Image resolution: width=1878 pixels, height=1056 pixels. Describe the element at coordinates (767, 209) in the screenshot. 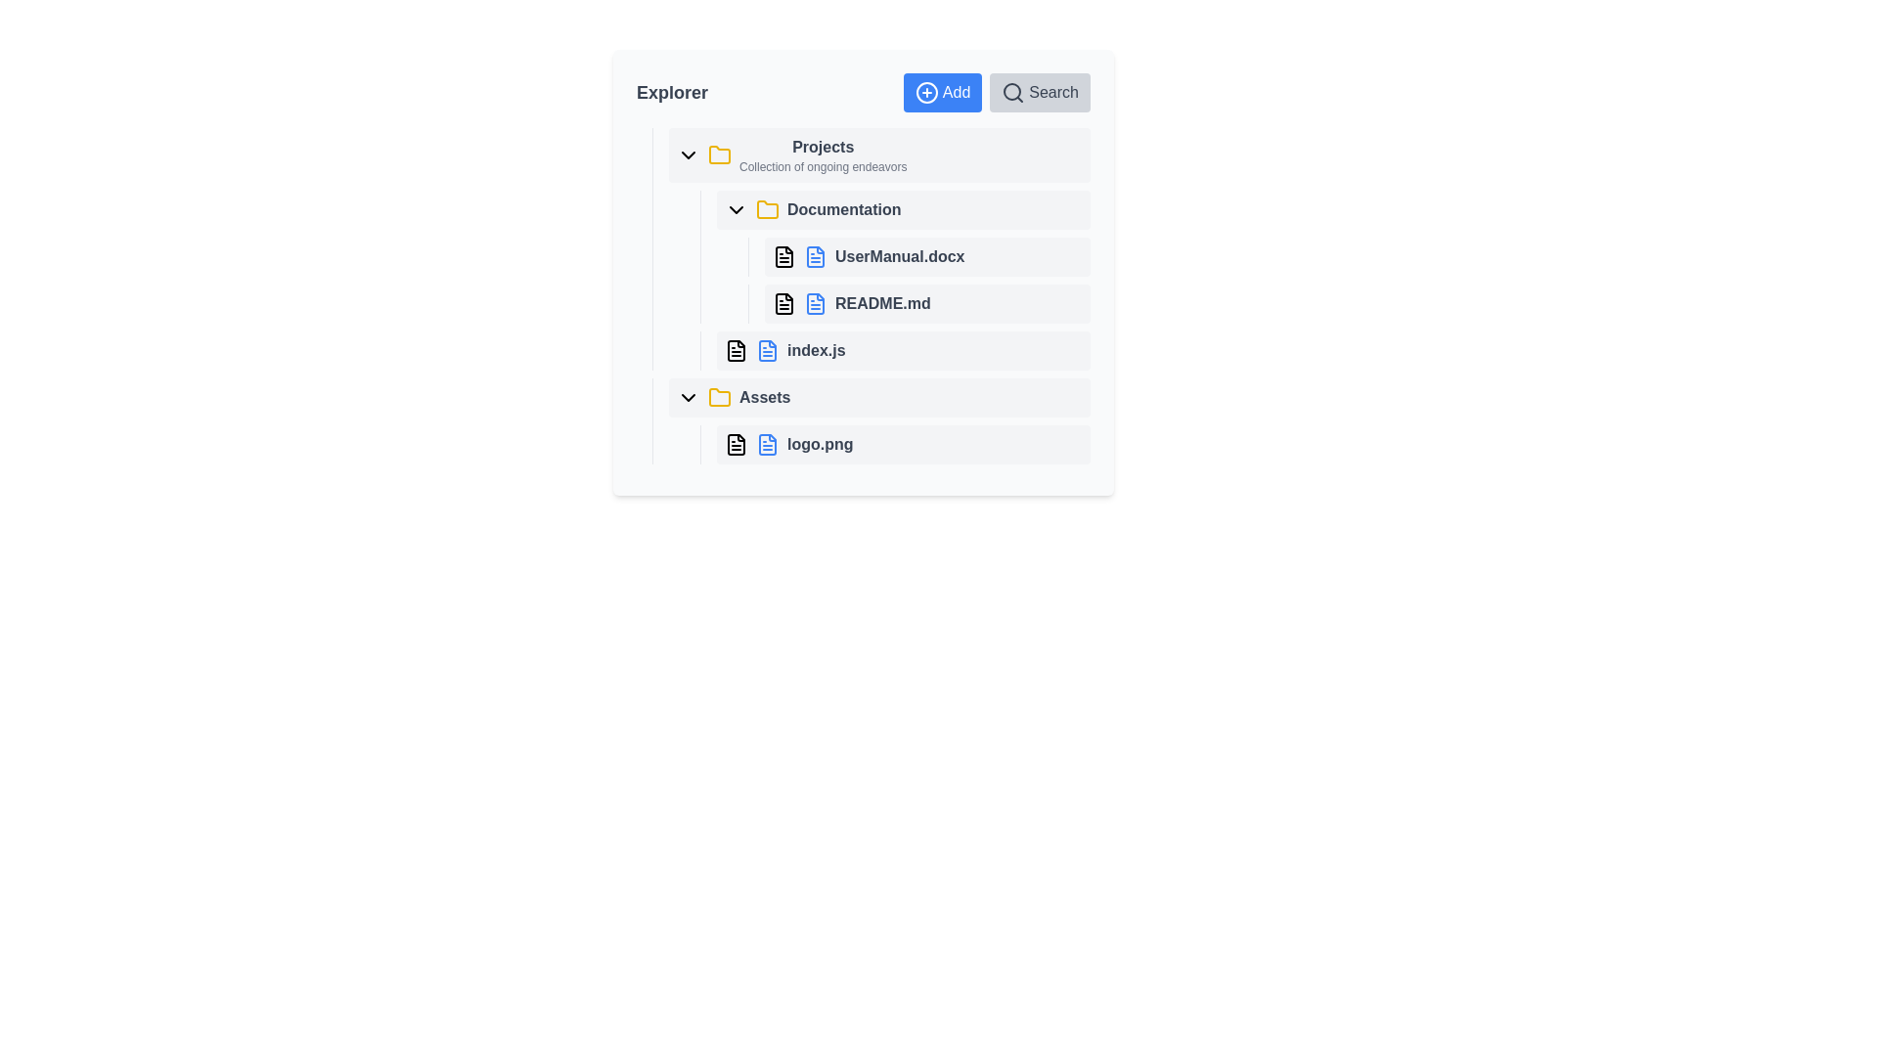

I see `the yellow folder icon located in the 'Explorer' panel next to the label 'Documentation'` at that location.